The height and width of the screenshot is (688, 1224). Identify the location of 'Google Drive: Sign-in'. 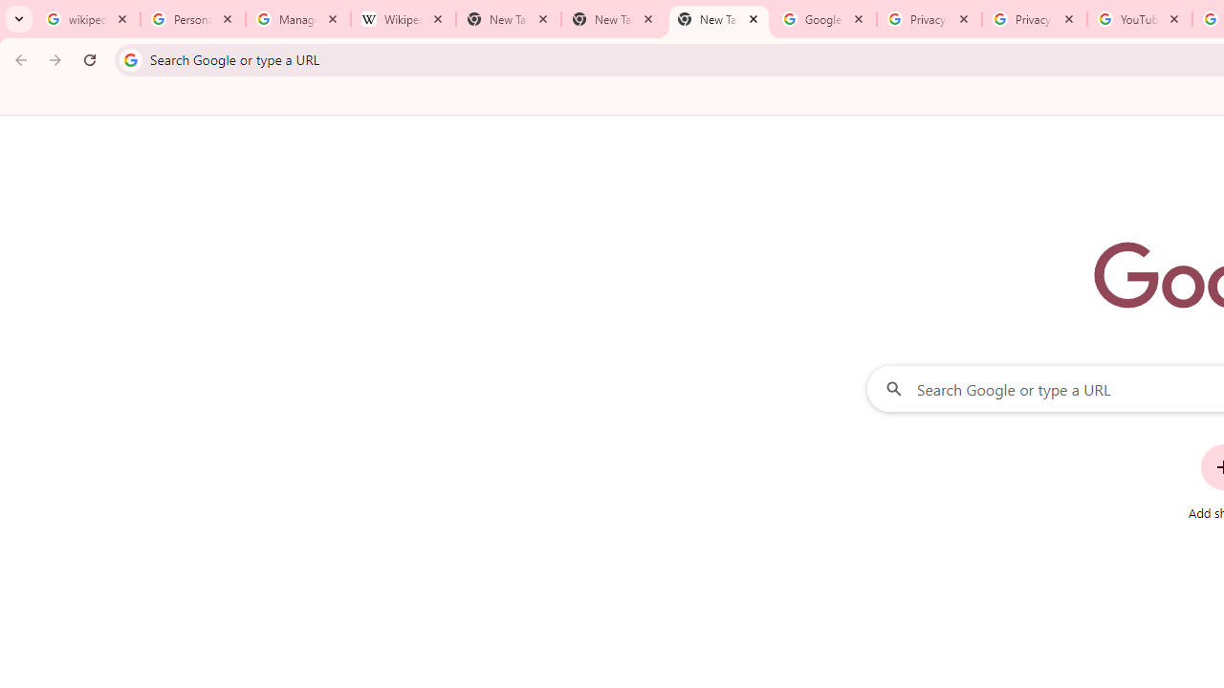
(823, 19).